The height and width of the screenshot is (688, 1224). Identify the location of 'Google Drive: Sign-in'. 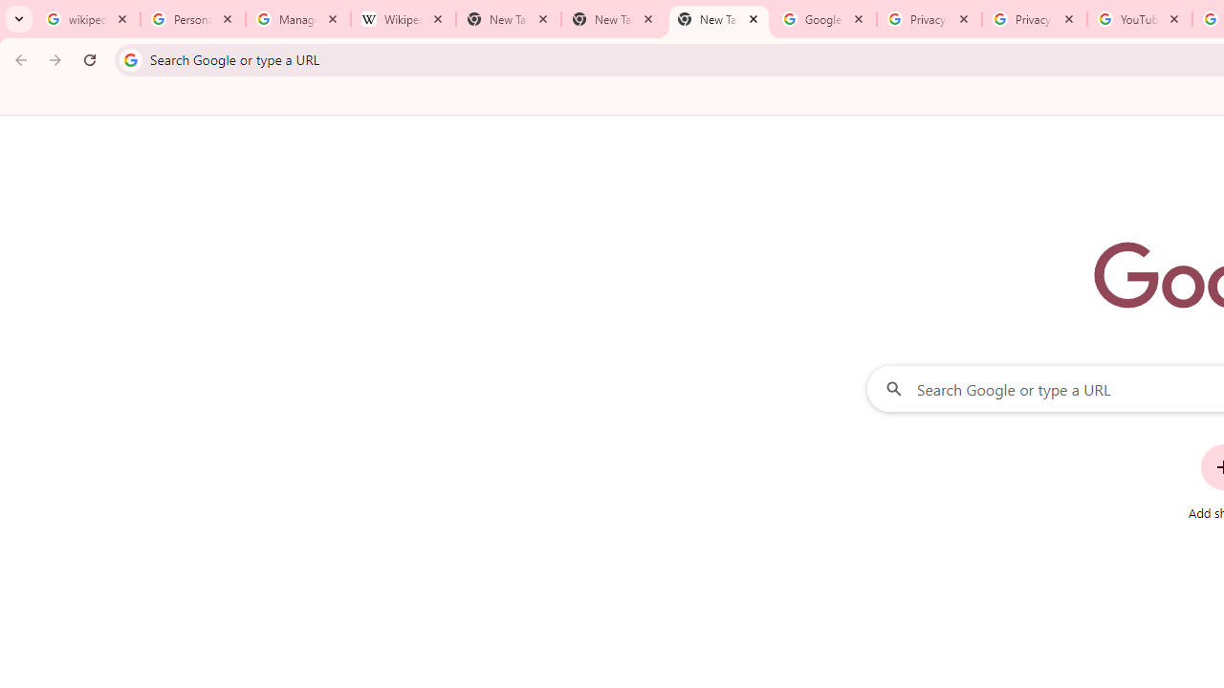
(823, 19).